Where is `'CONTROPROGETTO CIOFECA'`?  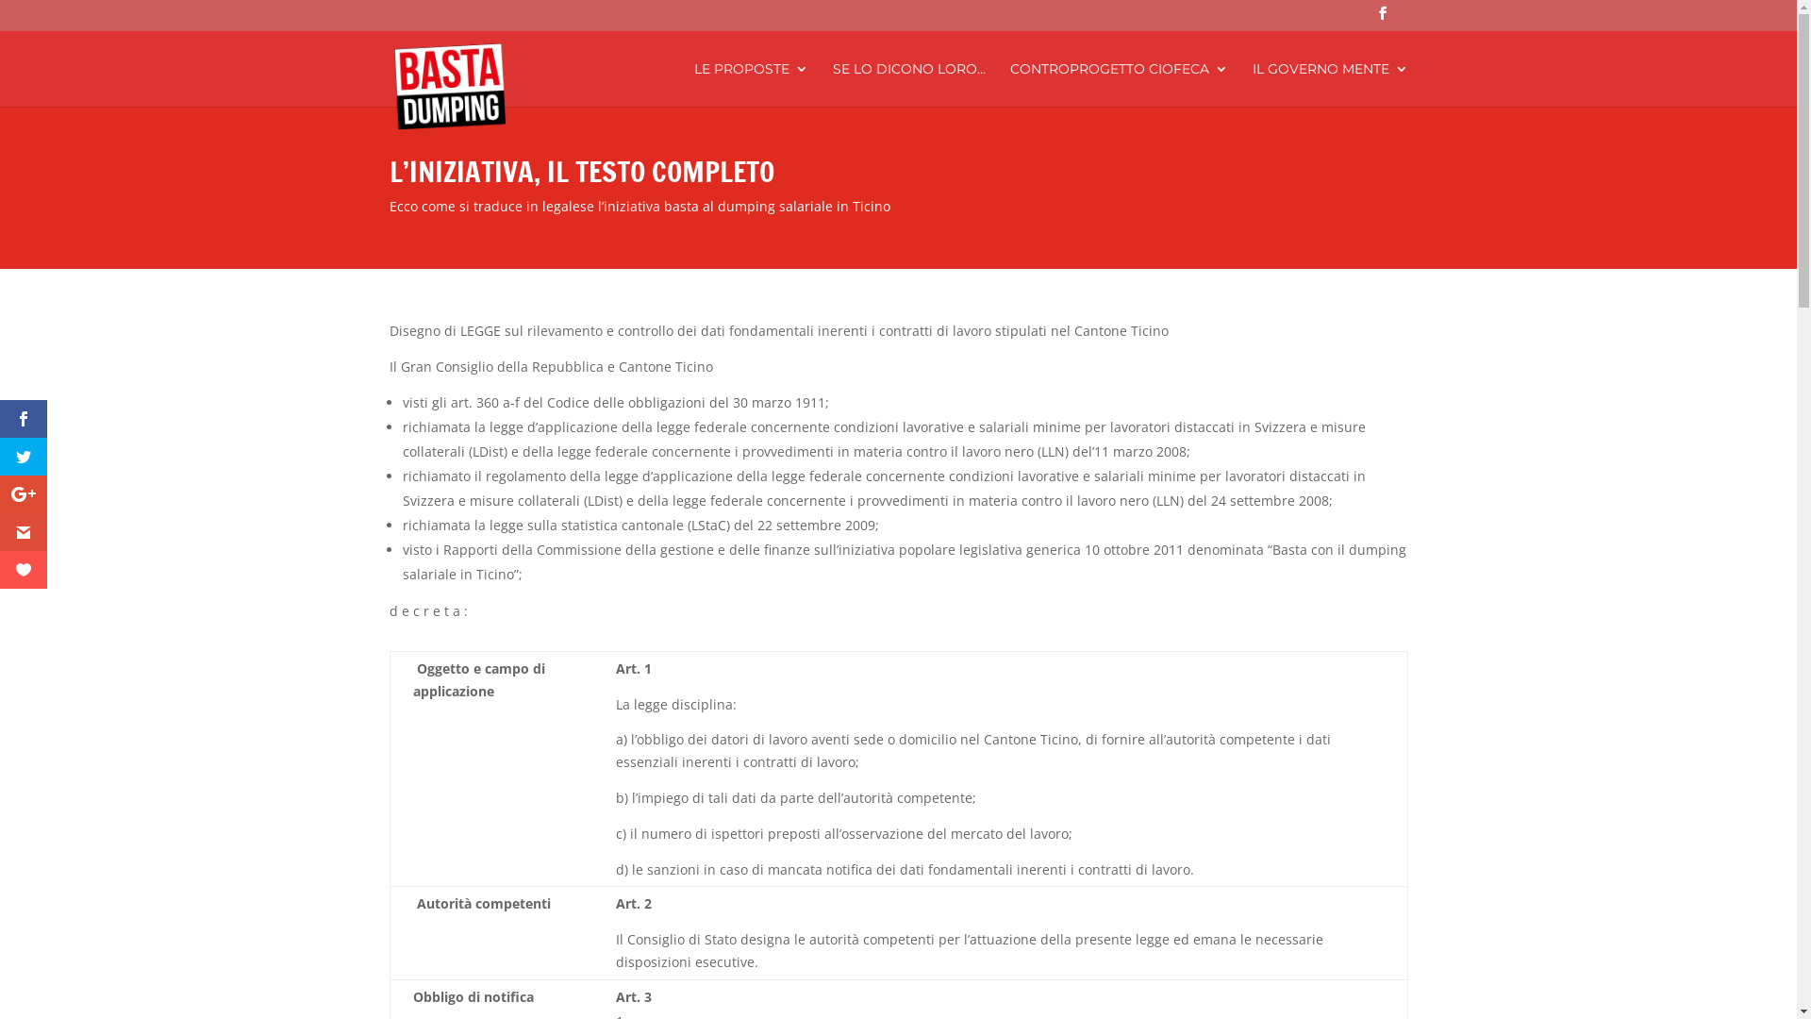
'CONTROPROGETTO CIOFECA' is located at coordinates (1118, 83).